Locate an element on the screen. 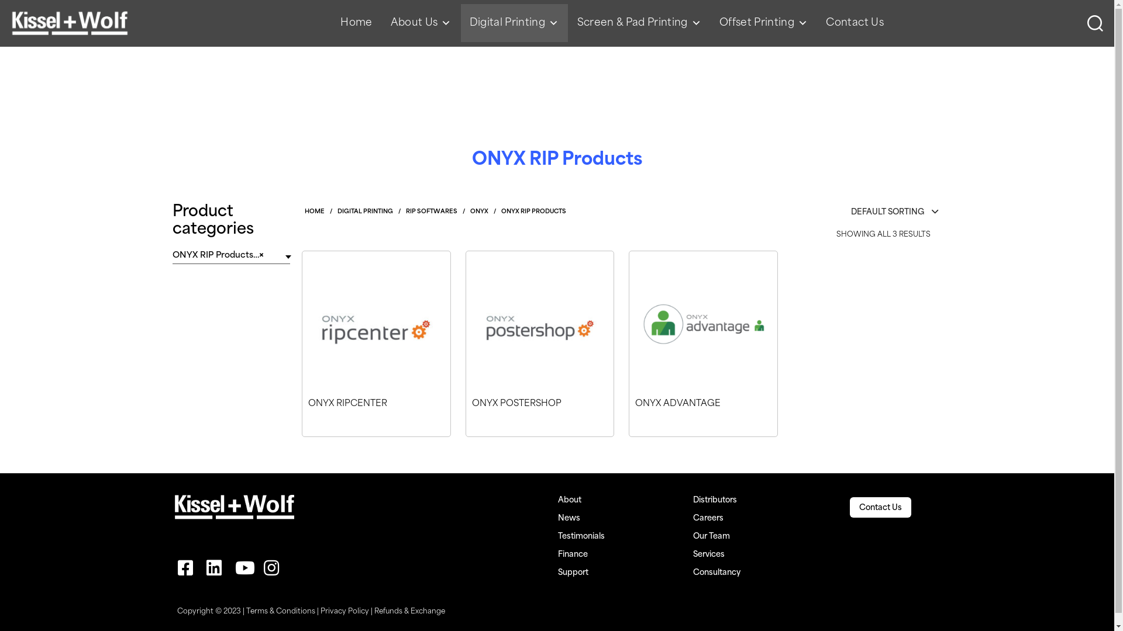 This screenshot has height=631, width=1123. 'RIP SOFTWARES' is located at coordinates (406, 212).